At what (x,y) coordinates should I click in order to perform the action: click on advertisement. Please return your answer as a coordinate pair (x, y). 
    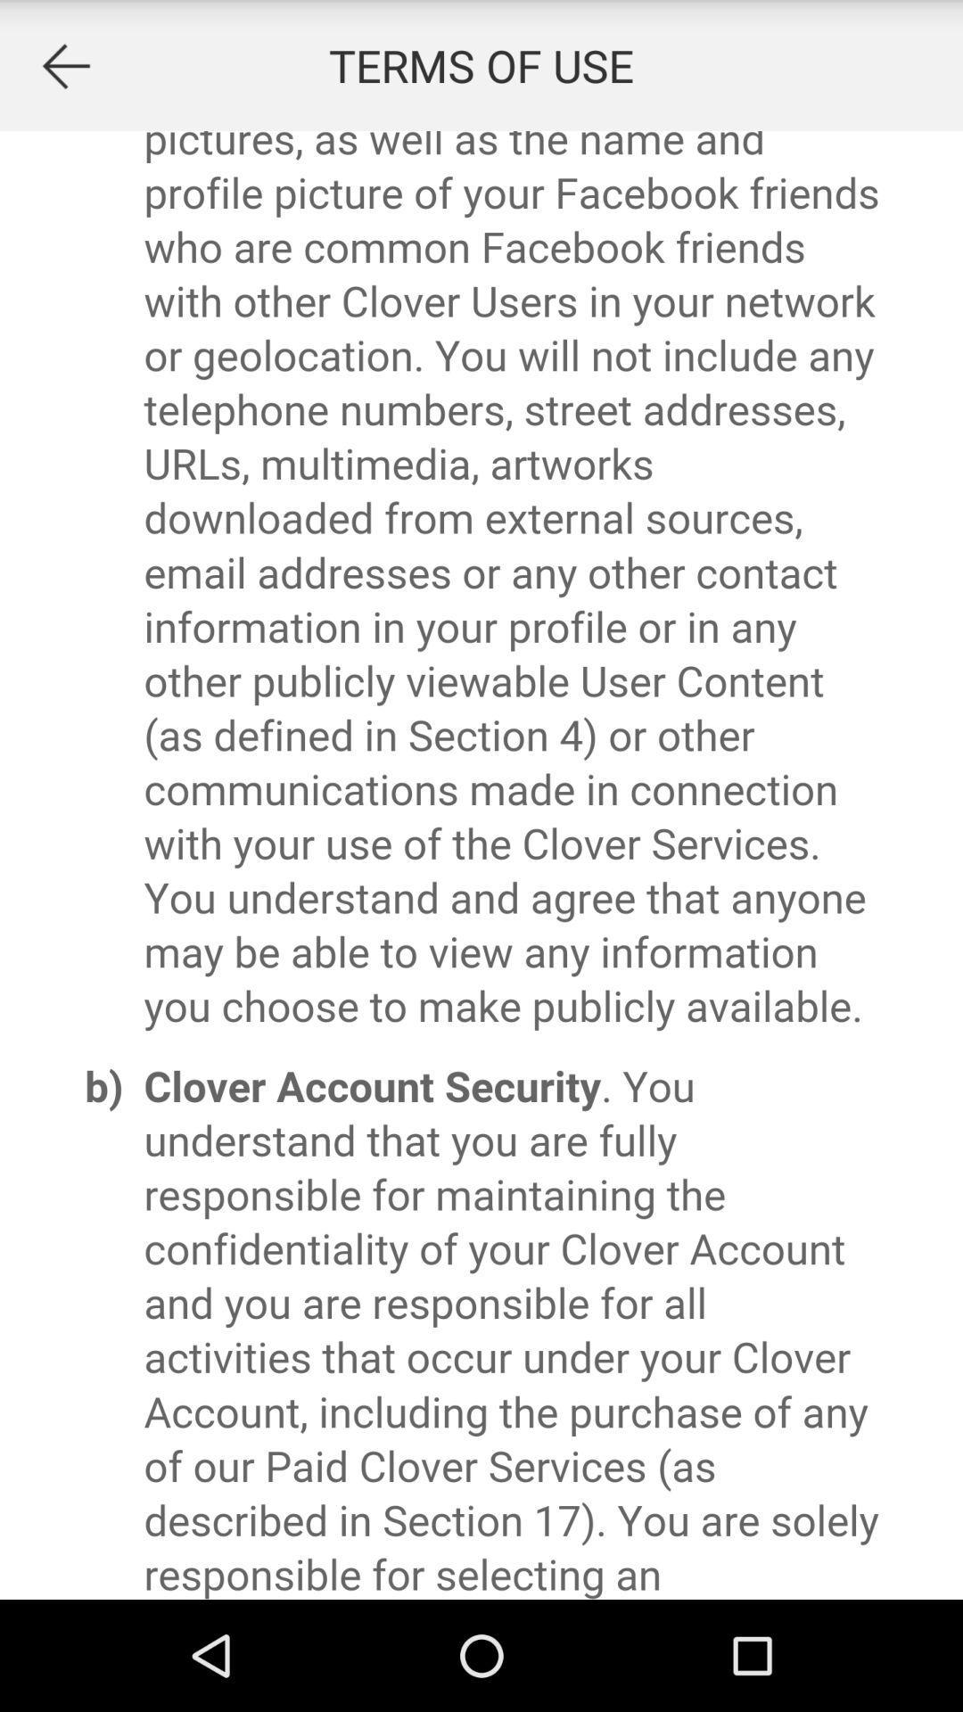
    Looking at the image, I should click on (64, 65).